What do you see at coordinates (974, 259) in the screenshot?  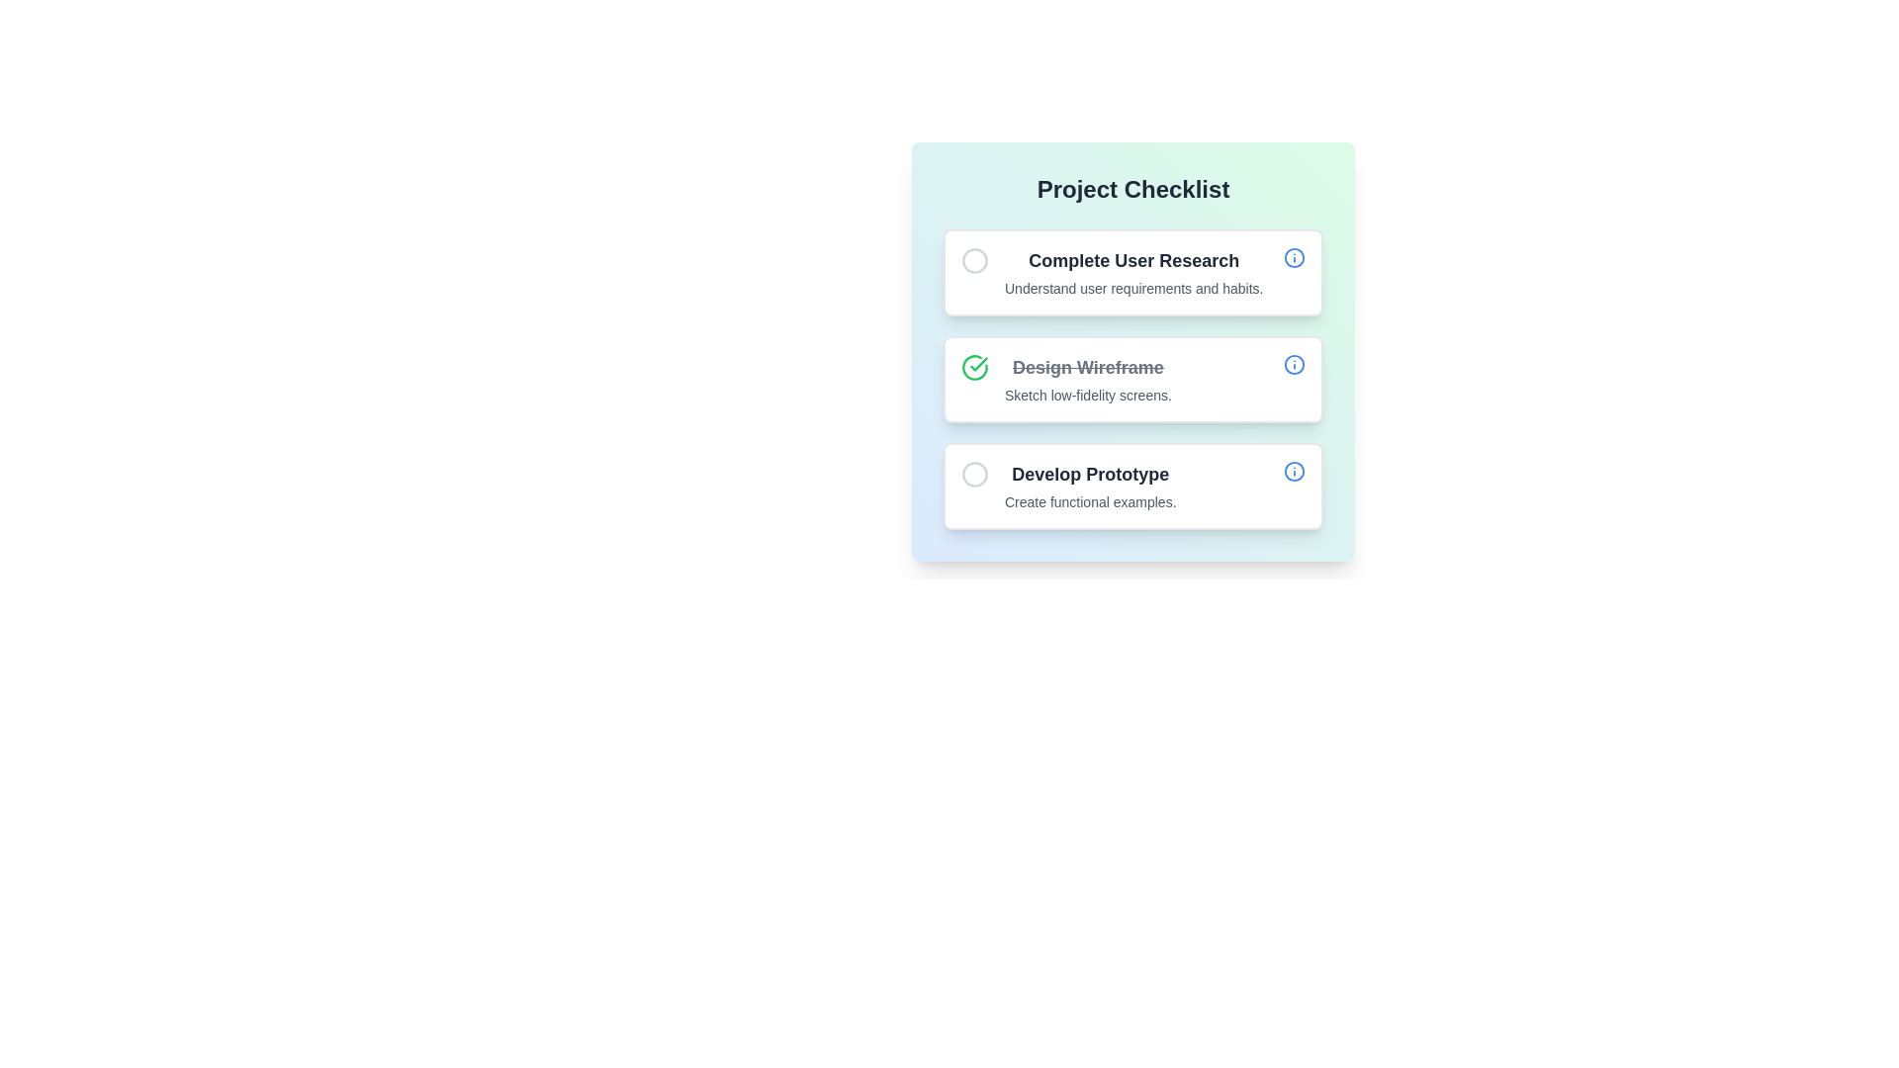 I see `the checkbox or status marker located at the top-left corner of the project checklist` at bounding box center [974, 259].